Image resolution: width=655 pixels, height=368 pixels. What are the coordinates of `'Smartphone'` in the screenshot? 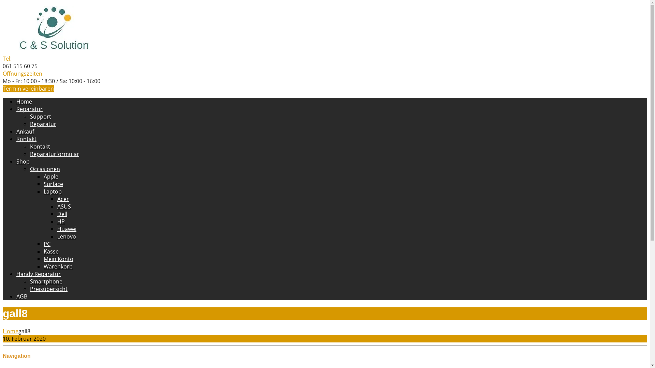 It's located at (46, 281).